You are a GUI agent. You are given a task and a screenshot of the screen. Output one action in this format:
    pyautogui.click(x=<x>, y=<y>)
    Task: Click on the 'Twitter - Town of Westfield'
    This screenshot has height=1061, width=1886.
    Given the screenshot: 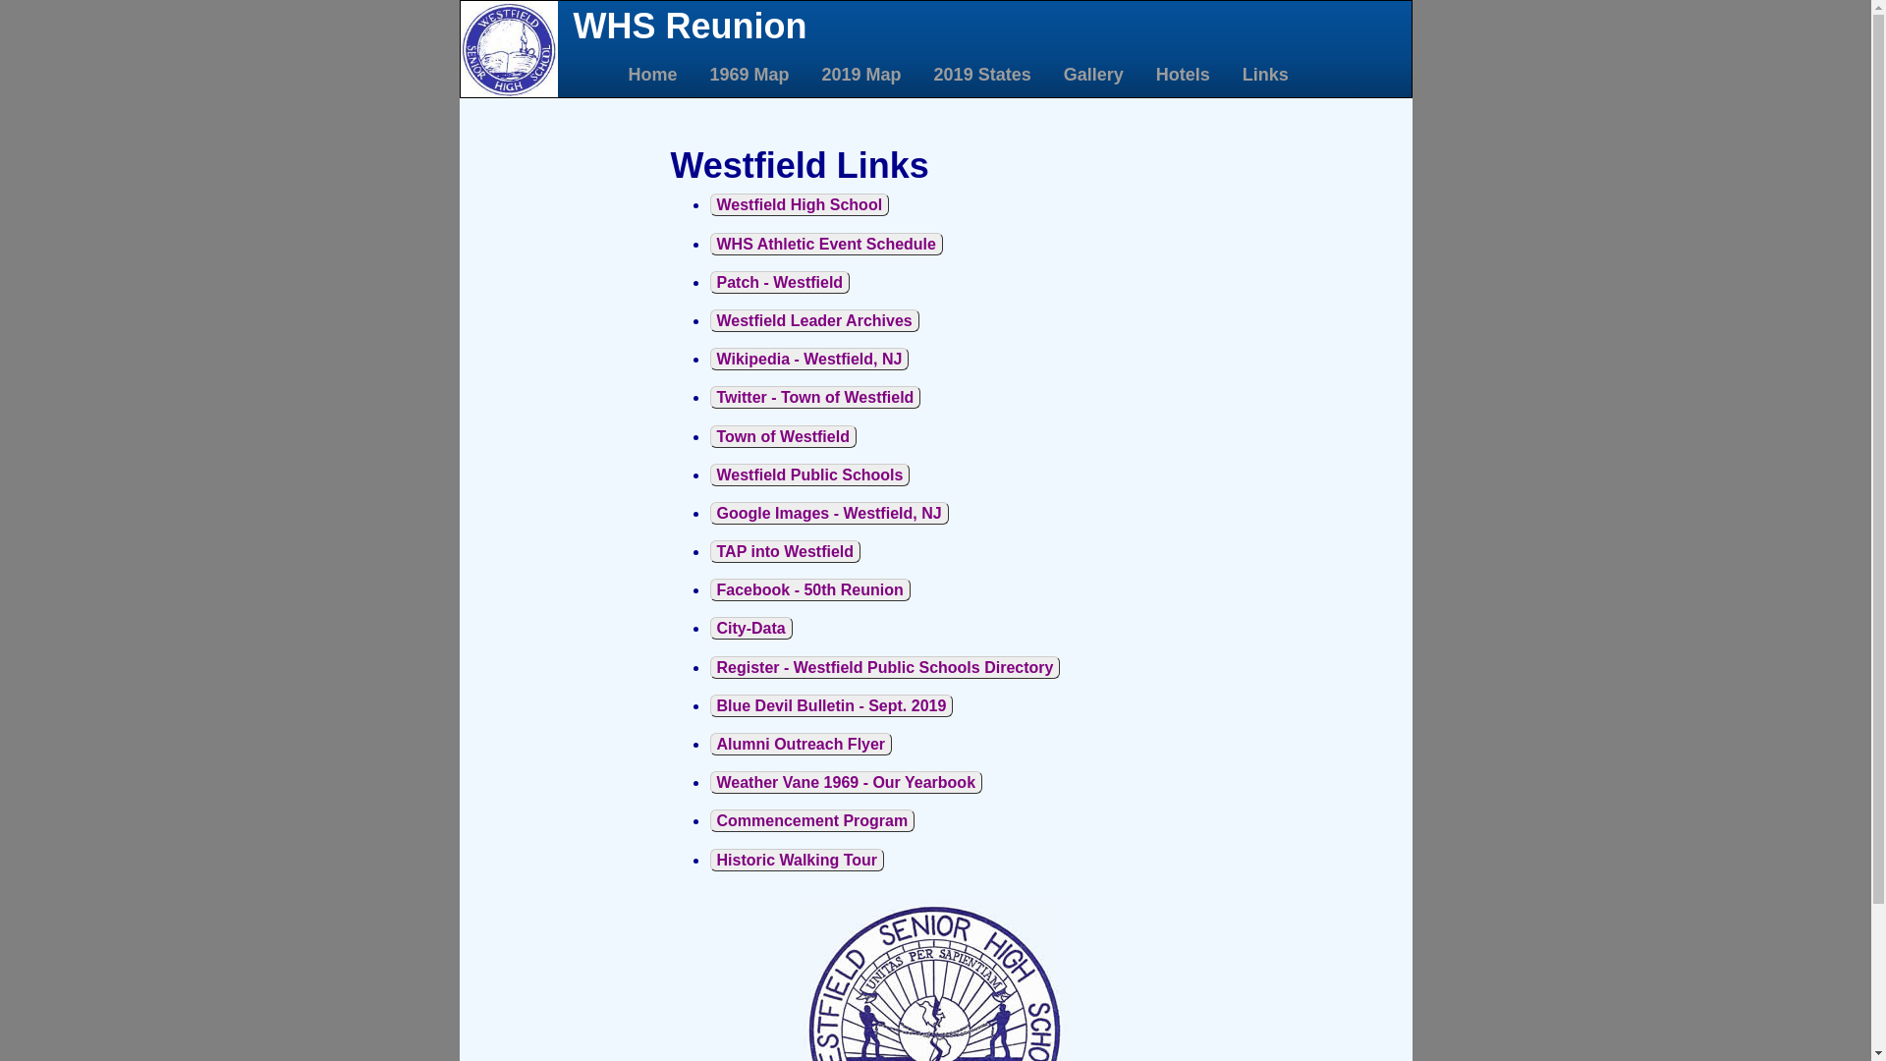 What is the action you would take?
    pyautogui.click(x=814, y=397)
    